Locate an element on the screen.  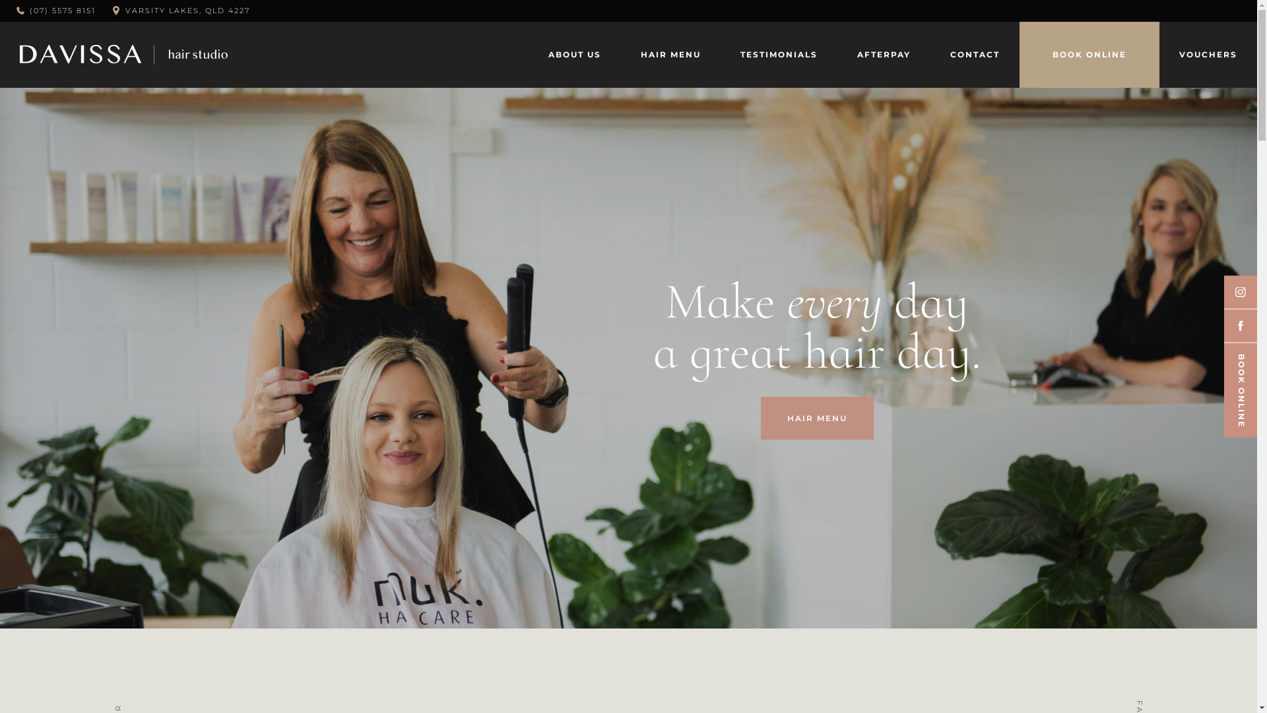
'BOOK ONLINE' is located at coordinates (1031, 54).